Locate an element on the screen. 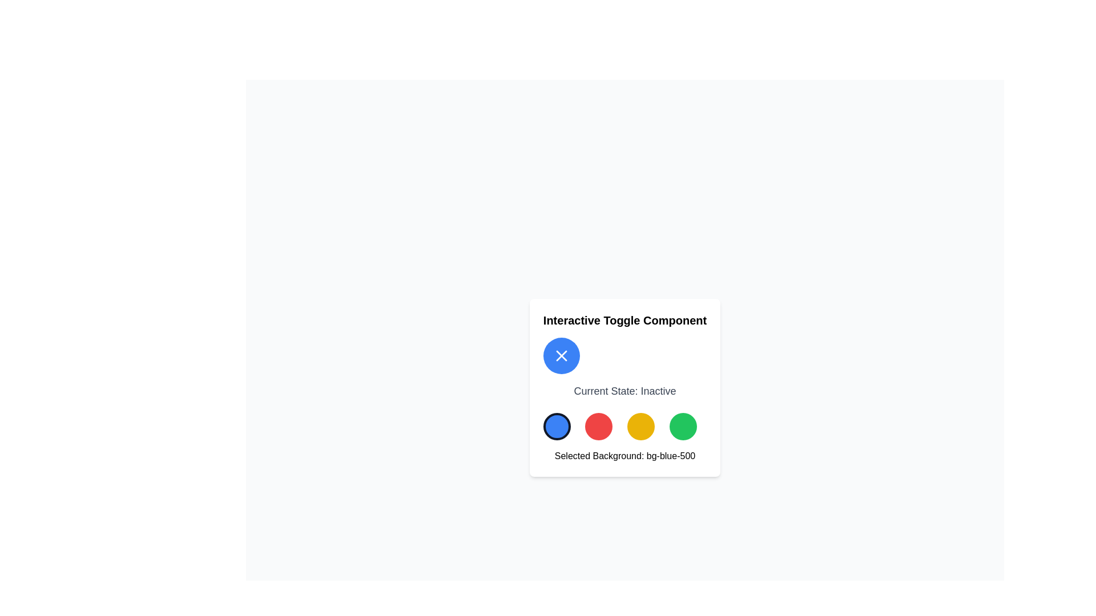 The height and width of the screenshot is (616, 1096). the first circular button in the horizontal row of four, located centrally within the card interface is located at coordinates (557, 427).